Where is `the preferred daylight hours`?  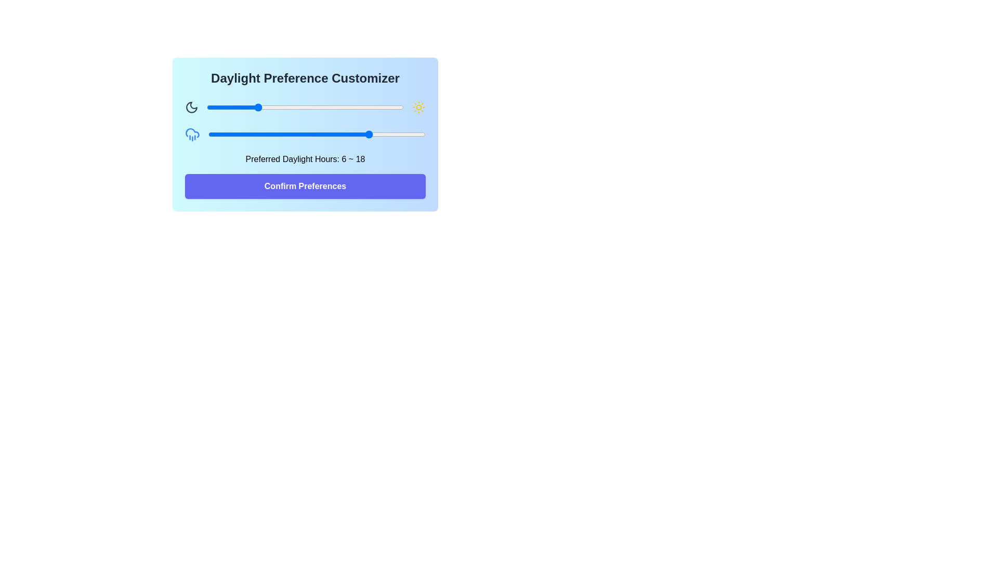
the preferred daylight hours is located at coordinates (307, 133).